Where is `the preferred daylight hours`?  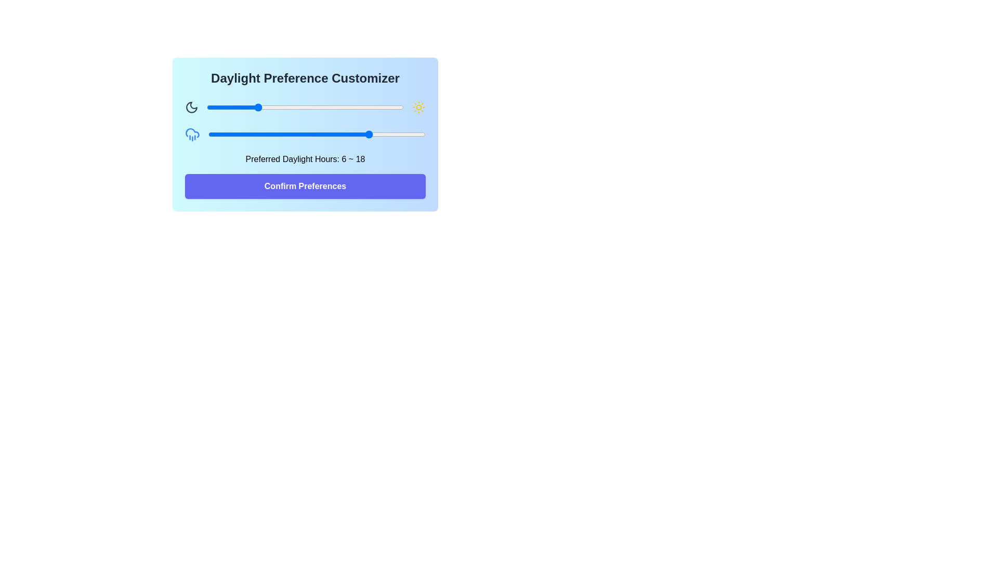
the preferred daylight hours is located at coordinates (307, 133).